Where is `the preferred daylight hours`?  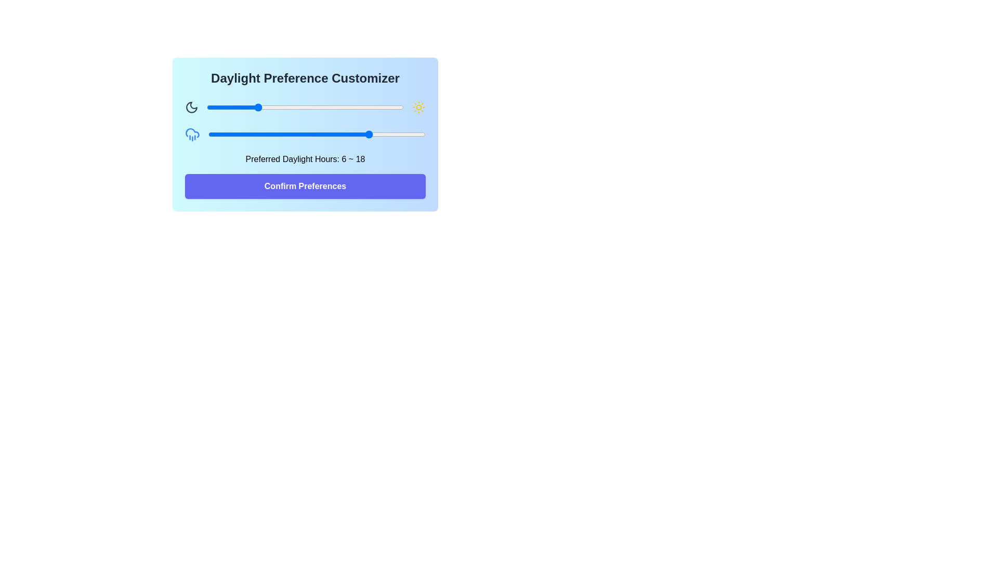
the preferred daylight hours is located at coordinates (307, 133).